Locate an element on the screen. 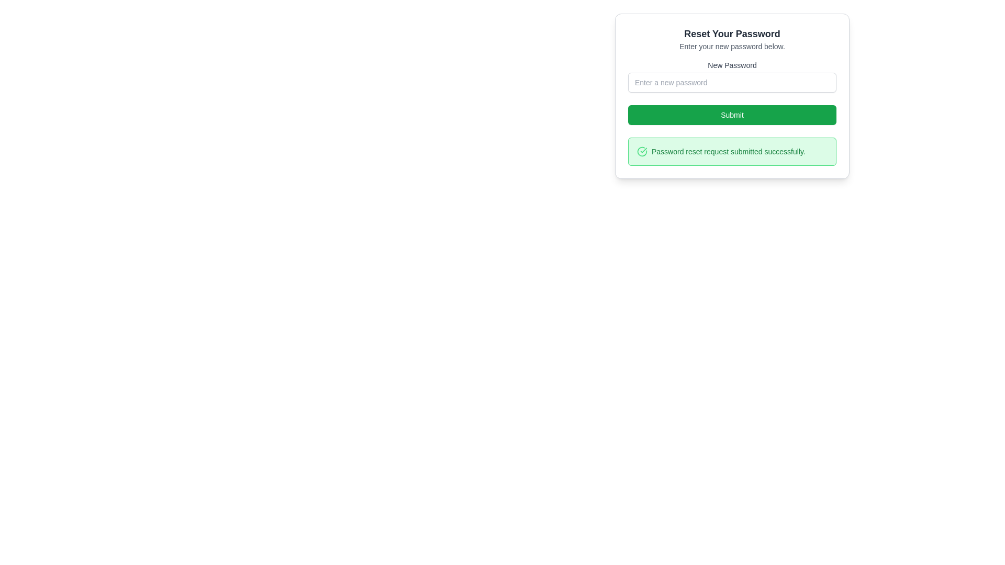 This screenshot has height=565, width=1005. the main heading of the password reset interface, which is positioned at the top of a white card with rounded corners and a shadow, centered horizontally above the password entry text is located at coordinates (731, 33).